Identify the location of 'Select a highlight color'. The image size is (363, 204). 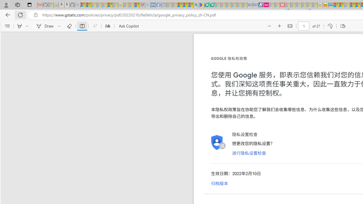
(28, 26).